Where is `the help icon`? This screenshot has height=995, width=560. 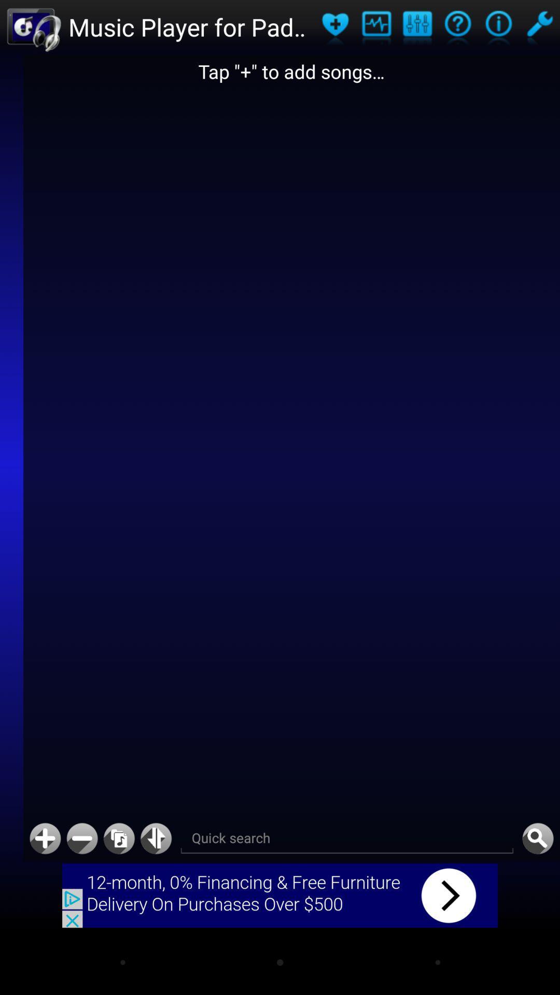
the help icon is located at coordinates (457, 29).